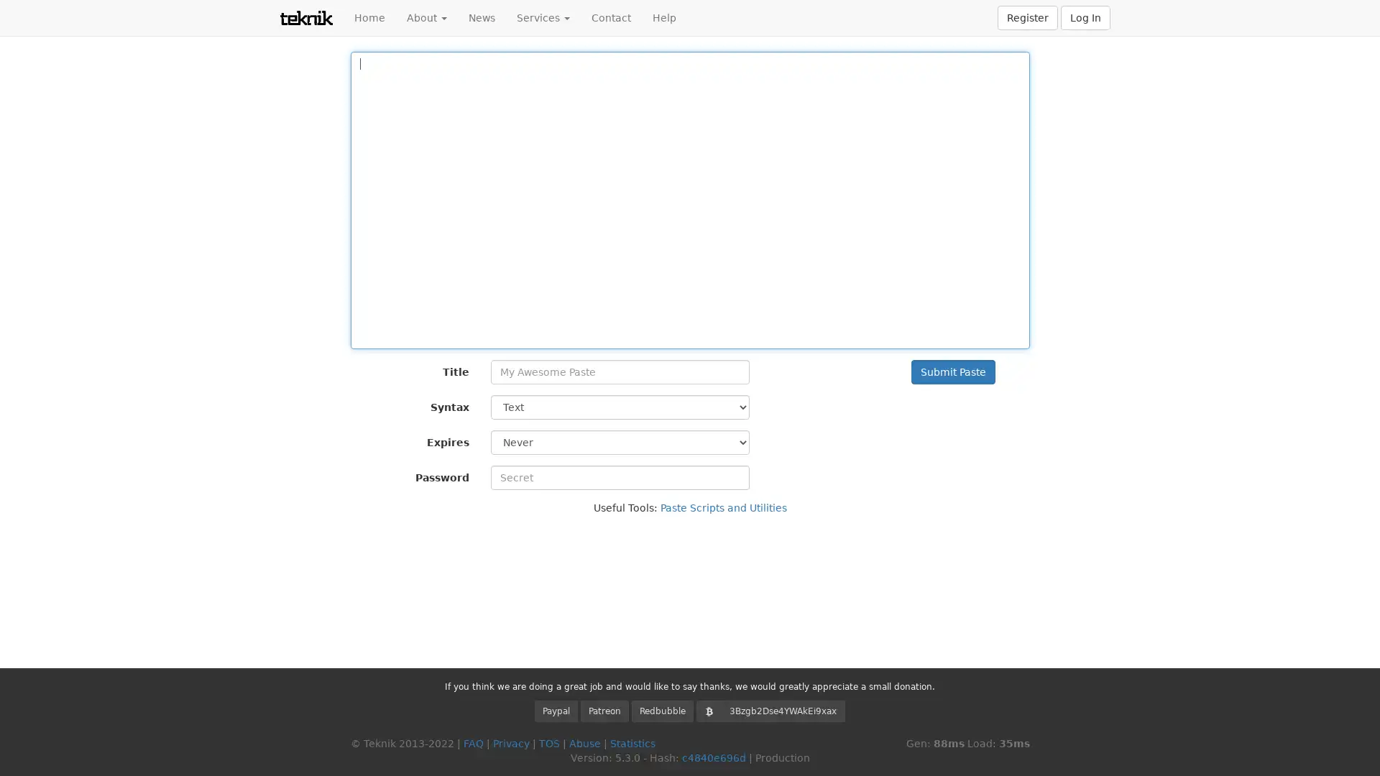  Describe the element at coordinates (952, 371) in the screenshot. I see `Submit Paste` at that location.